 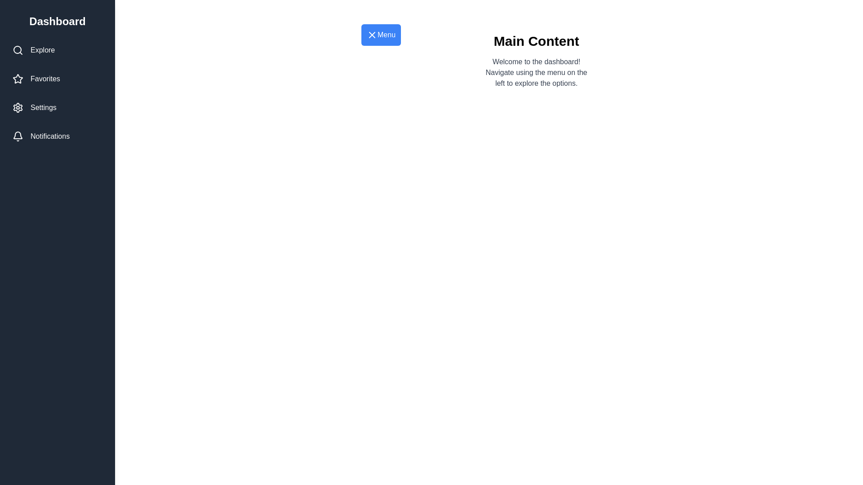 I want to click on the cross icon resembling a close button located within the blue 'Menu' button, so click(x=372, y=34).